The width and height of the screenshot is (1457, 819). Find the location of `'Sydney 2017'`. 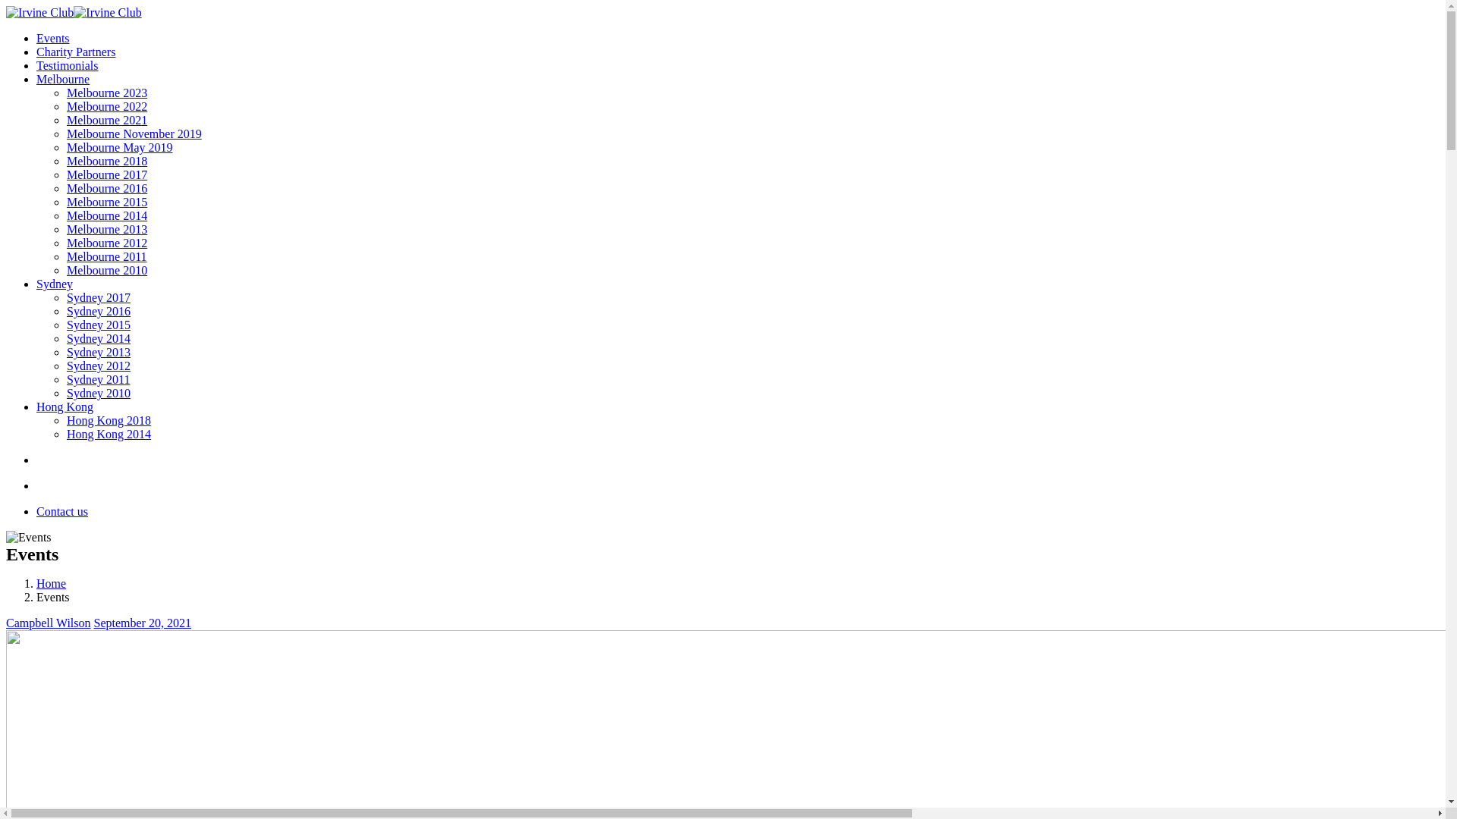

'Sydney 2017' is located at coordinates (65, 297).